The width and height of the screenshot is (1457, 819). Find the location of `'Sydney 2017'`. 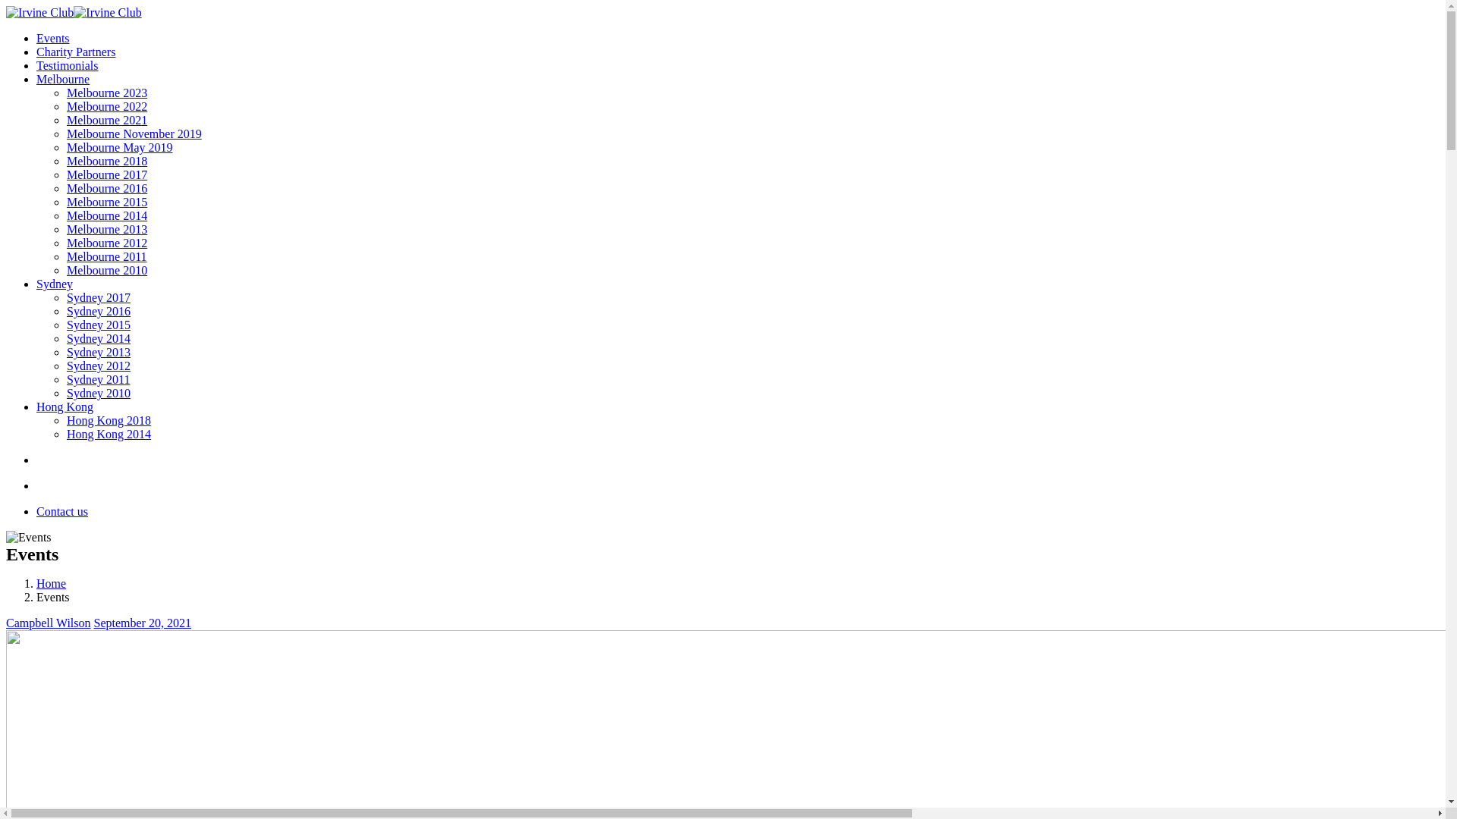

'Sydney 2017' is located at coordinates (65, 297).